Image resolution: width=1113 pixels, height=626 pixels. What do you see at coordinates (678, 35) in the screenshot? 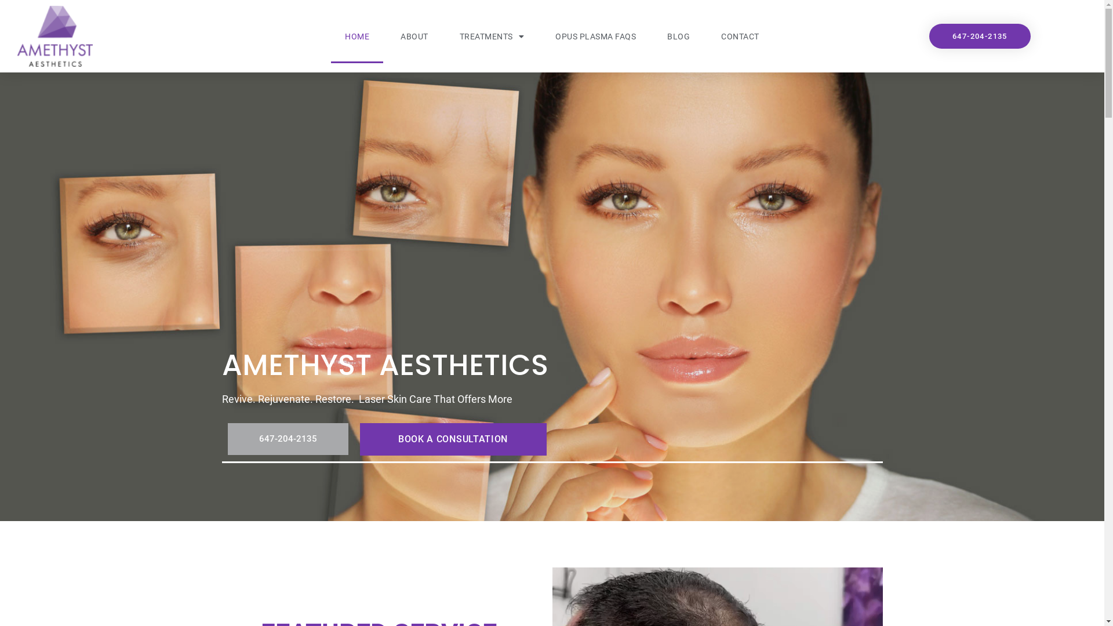
I see `'BLOG'` at bounding box center [678, 35].